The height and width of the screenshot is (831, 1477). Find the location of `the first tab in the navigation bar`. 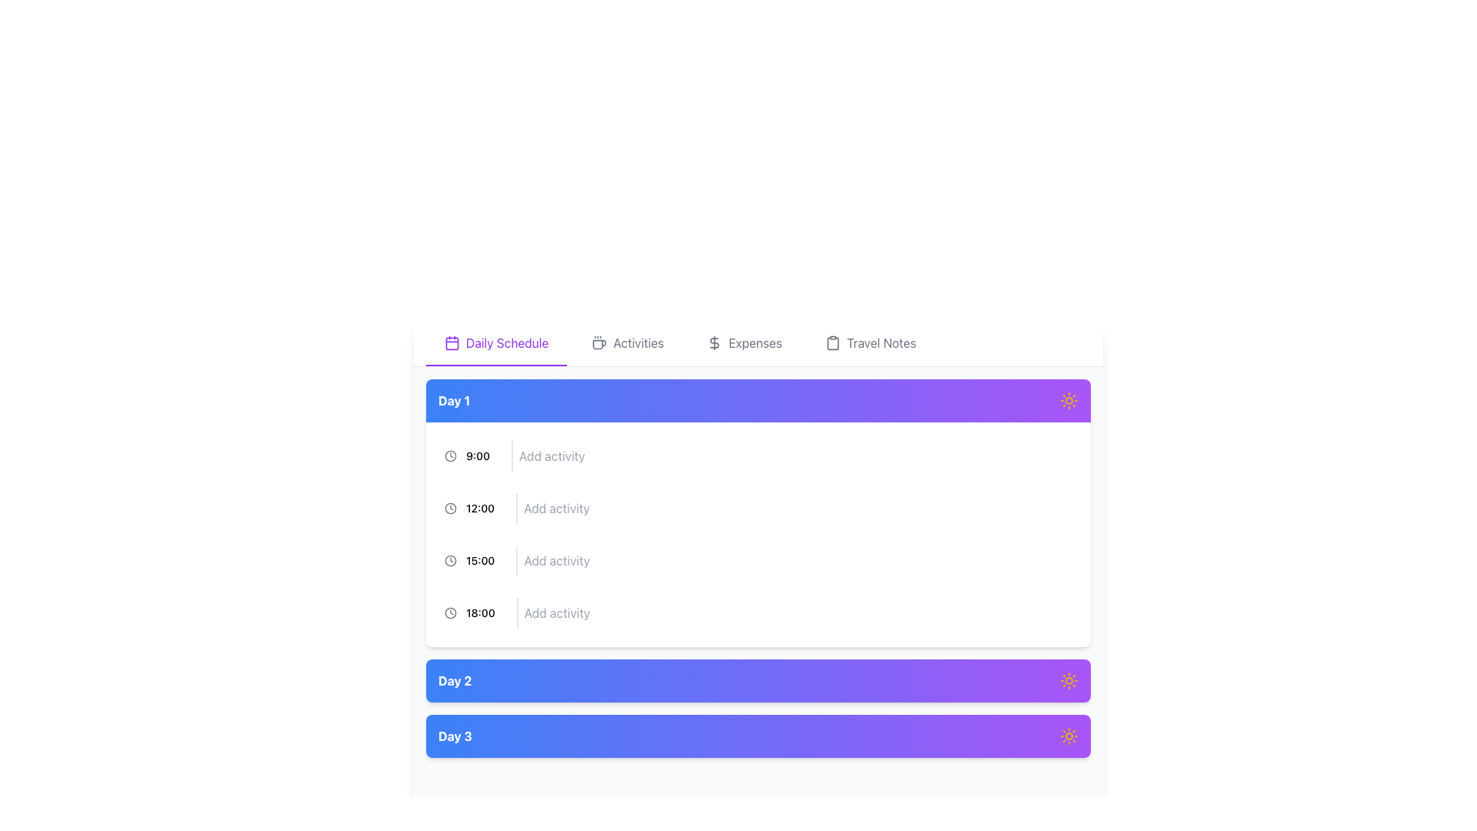

the first tab in the navigation bar is located at coordinates (758, 343).